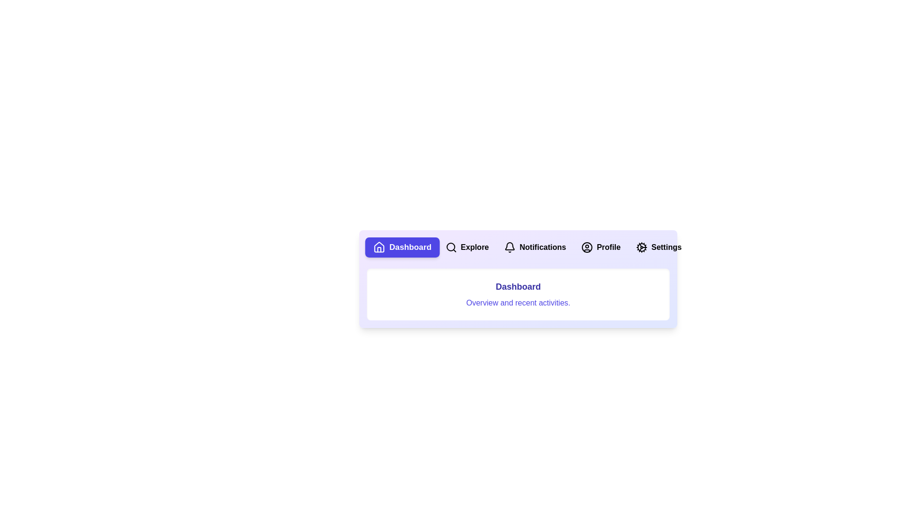 This screenshot has height=518, width=921. I want to click on the Profile tab by clicking on its respective button, so click(600, 247).